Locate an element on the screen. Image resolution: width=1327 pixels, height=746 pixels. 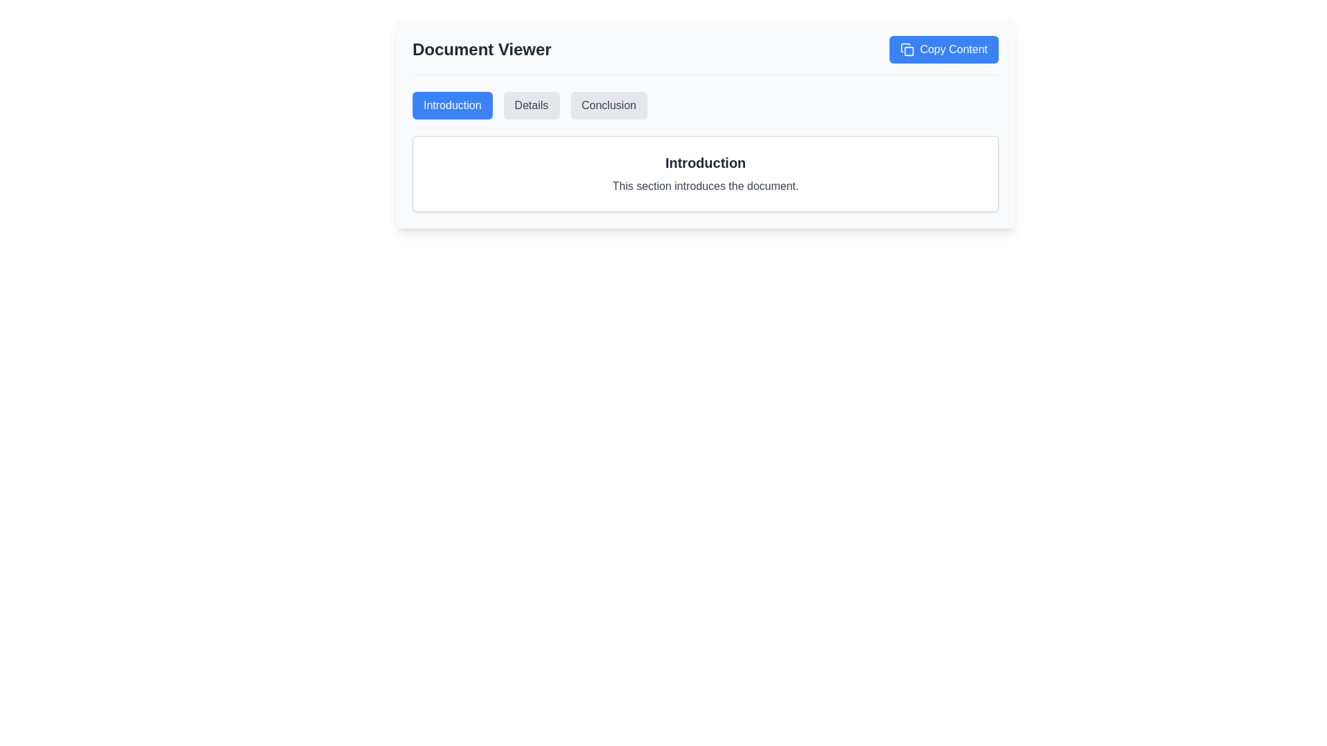
the 'Copy Content' button located at the top-right corner of the interface to trigger the hover effect that darkens the blue background is located at coordinates (953, 49).